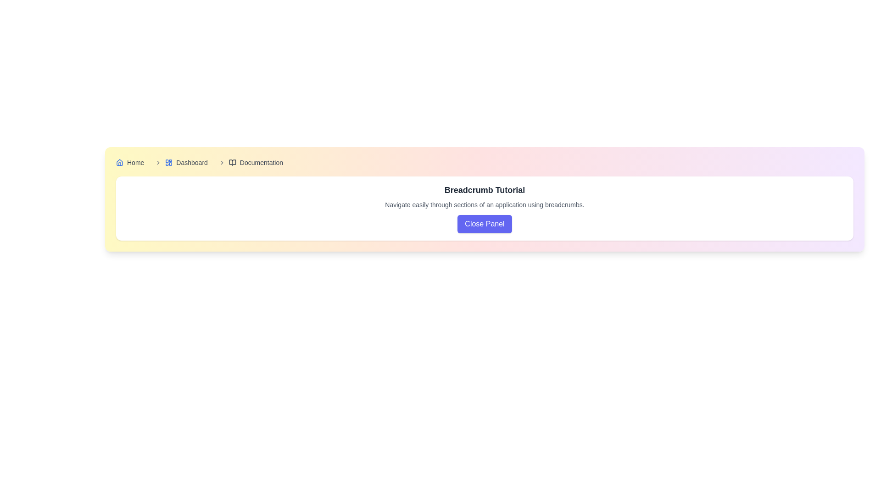 This screenshot has width=881, height=495. I want to click on the 'Dashboard' static text label in the breadcrumb navigation bar, which is styled in medium-weight gray font and located to the right of the dashboard icon, so click(191, 162).